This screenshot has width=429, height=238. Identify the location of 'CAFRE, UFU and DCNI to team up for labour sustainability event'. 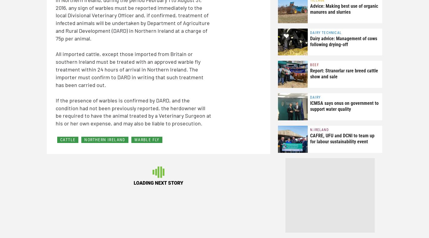
(342, 138).